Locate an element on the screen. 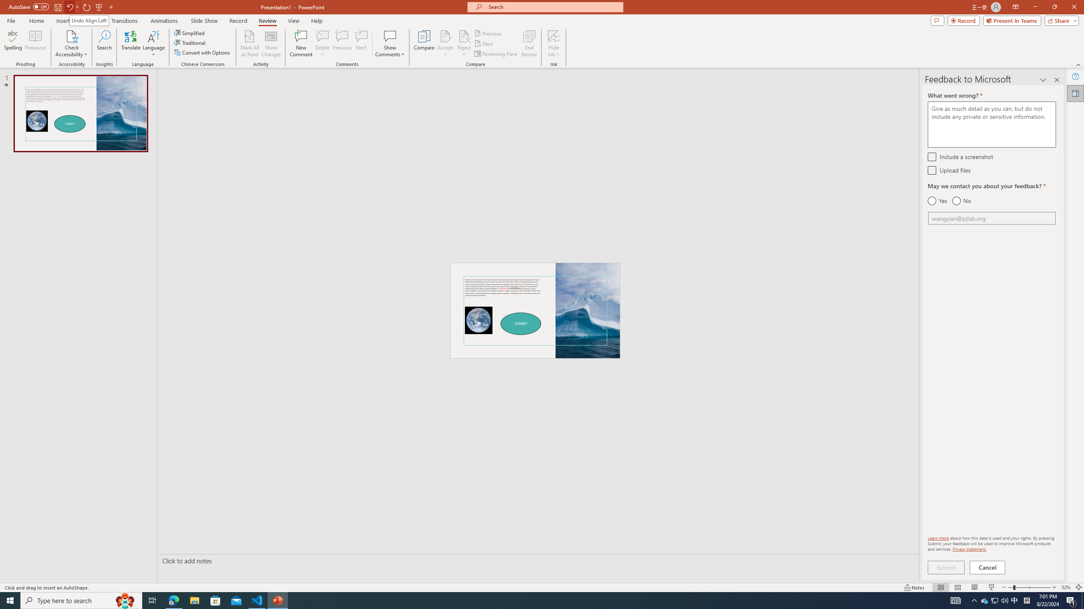  'Reject Change' is located at coordinates (463, 36).